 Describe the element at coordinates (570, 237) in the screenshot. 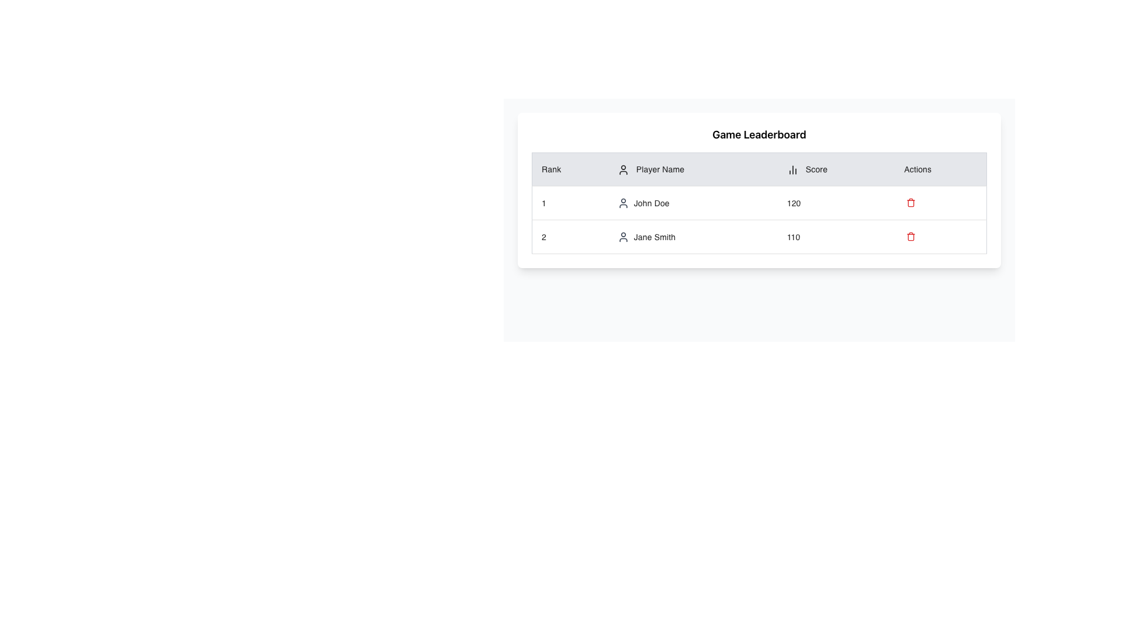

I see `the static textual table cell displaying the number '2' in the 'Rank' column of the leaderboard interface` at that location.